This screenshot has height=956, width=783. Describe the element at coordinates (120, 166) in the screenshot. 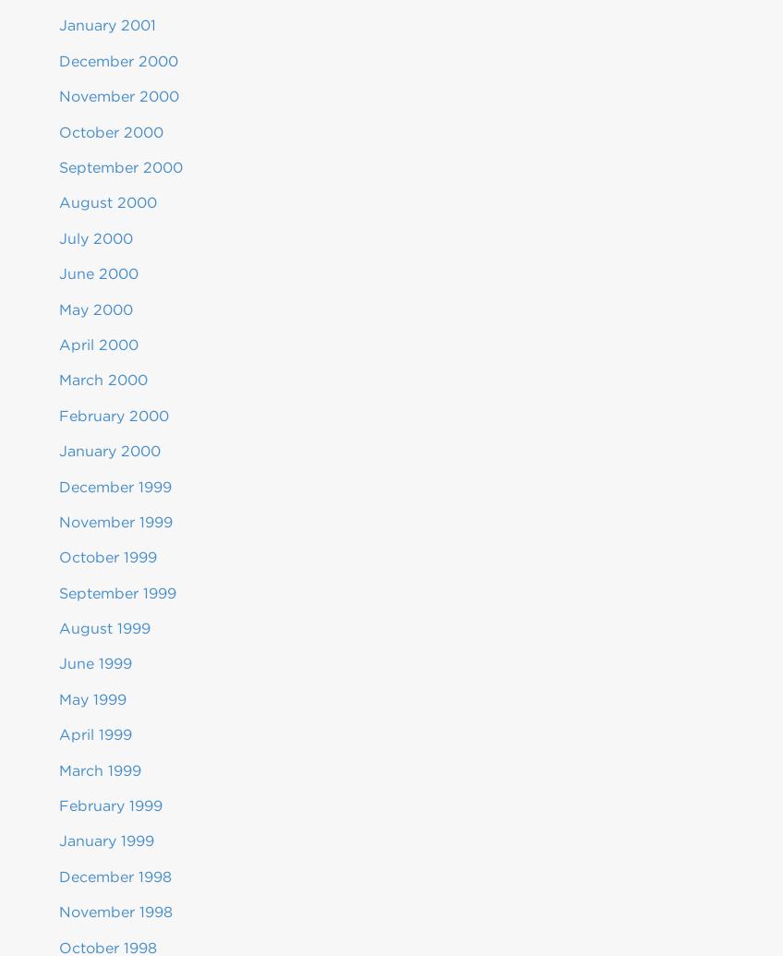

I see `'September 2000'` at that location.